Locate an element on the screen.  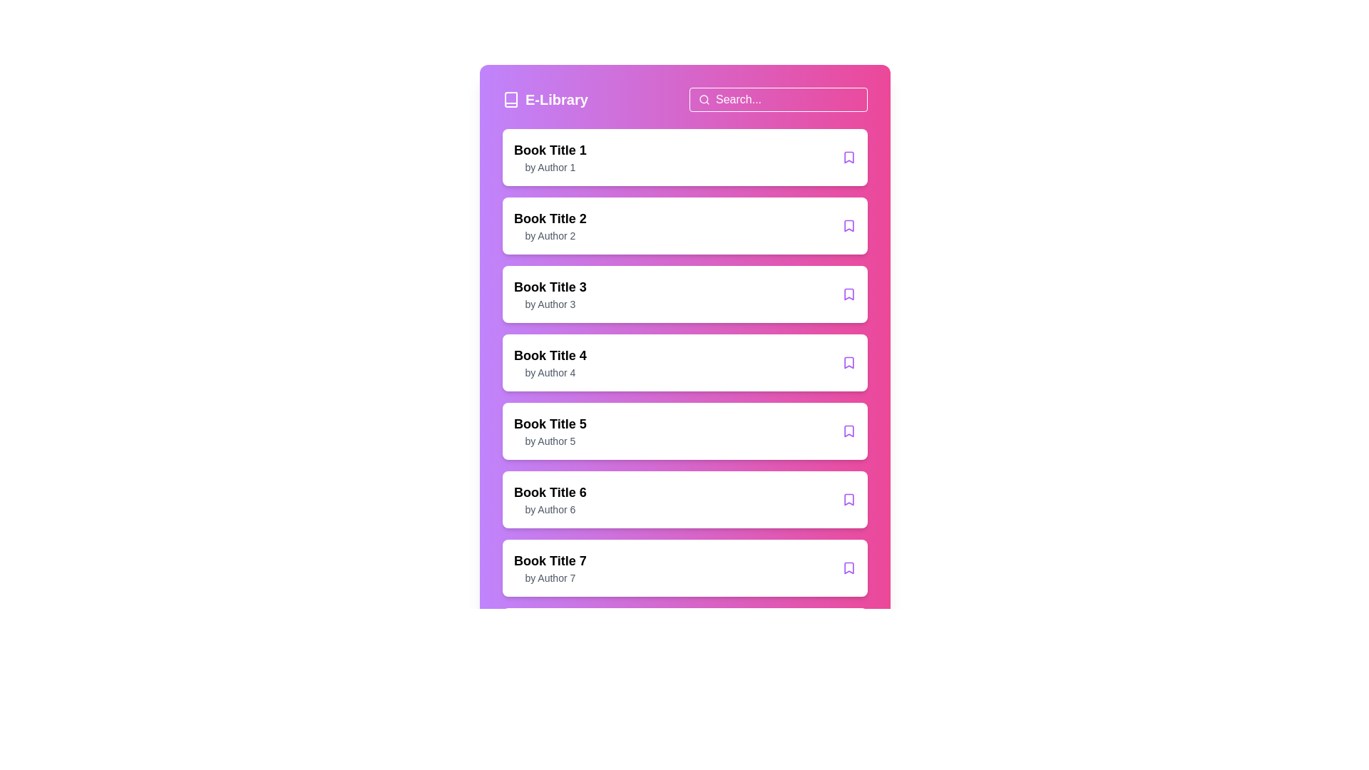
the Text Label displaying the title 'Book Title 3', which is located as the primary heading in the third card of a vertically stacked list of books is located at coordinates (549, 287).